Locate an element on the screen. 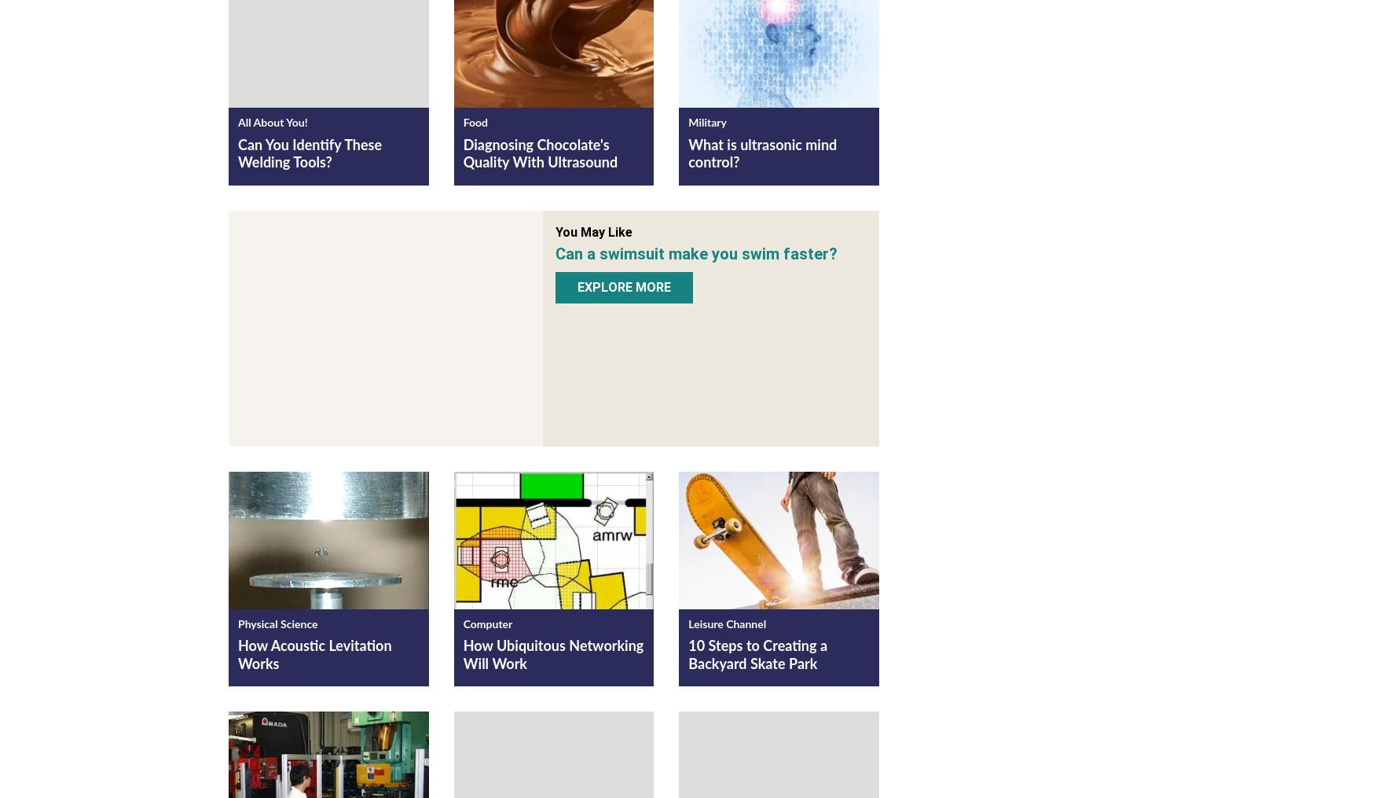  'Food' is located at coordinates (475, 123).